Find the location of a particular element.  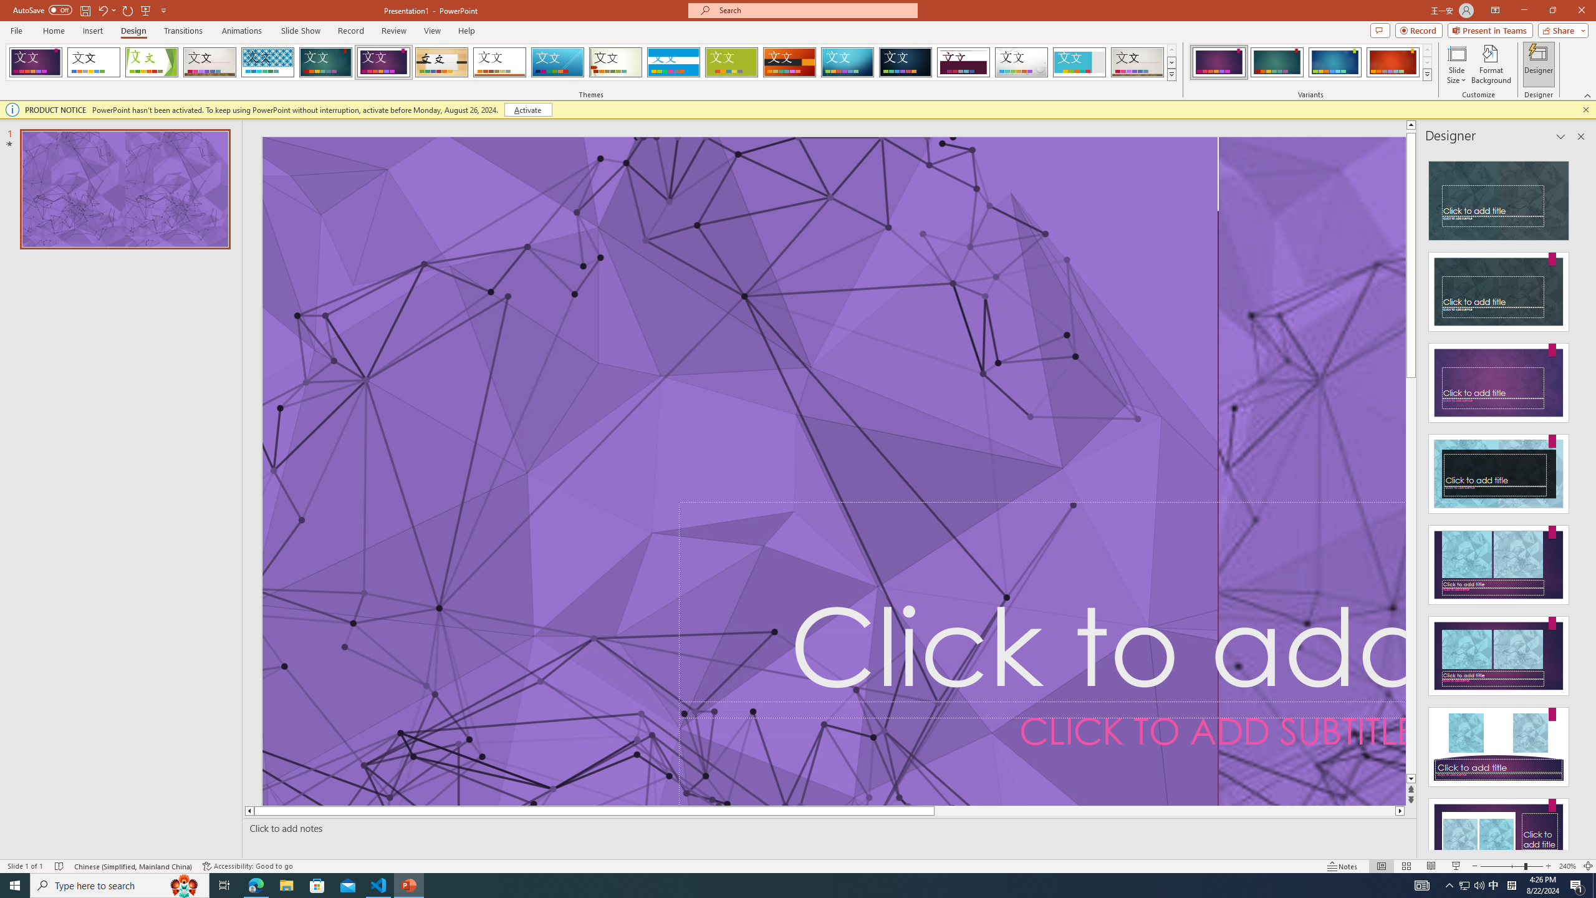

'Ion Boardroom Variant 1' is located at coordinates (1218, 62).